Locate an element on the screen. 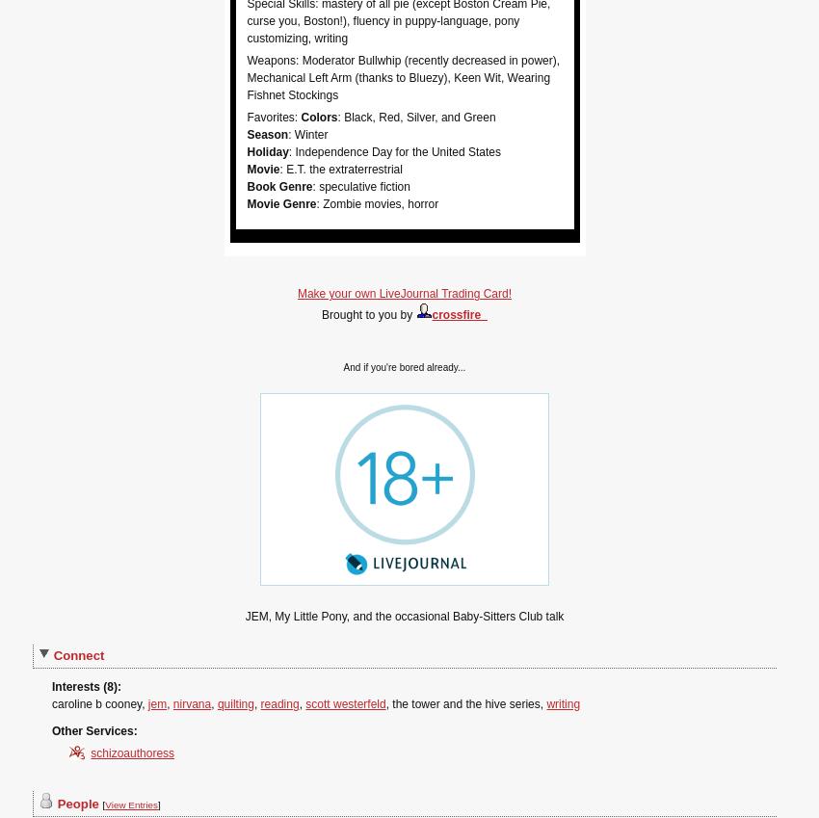 The image size is (819, 818). 'Favorites:' is located at coordinates (272, 115).